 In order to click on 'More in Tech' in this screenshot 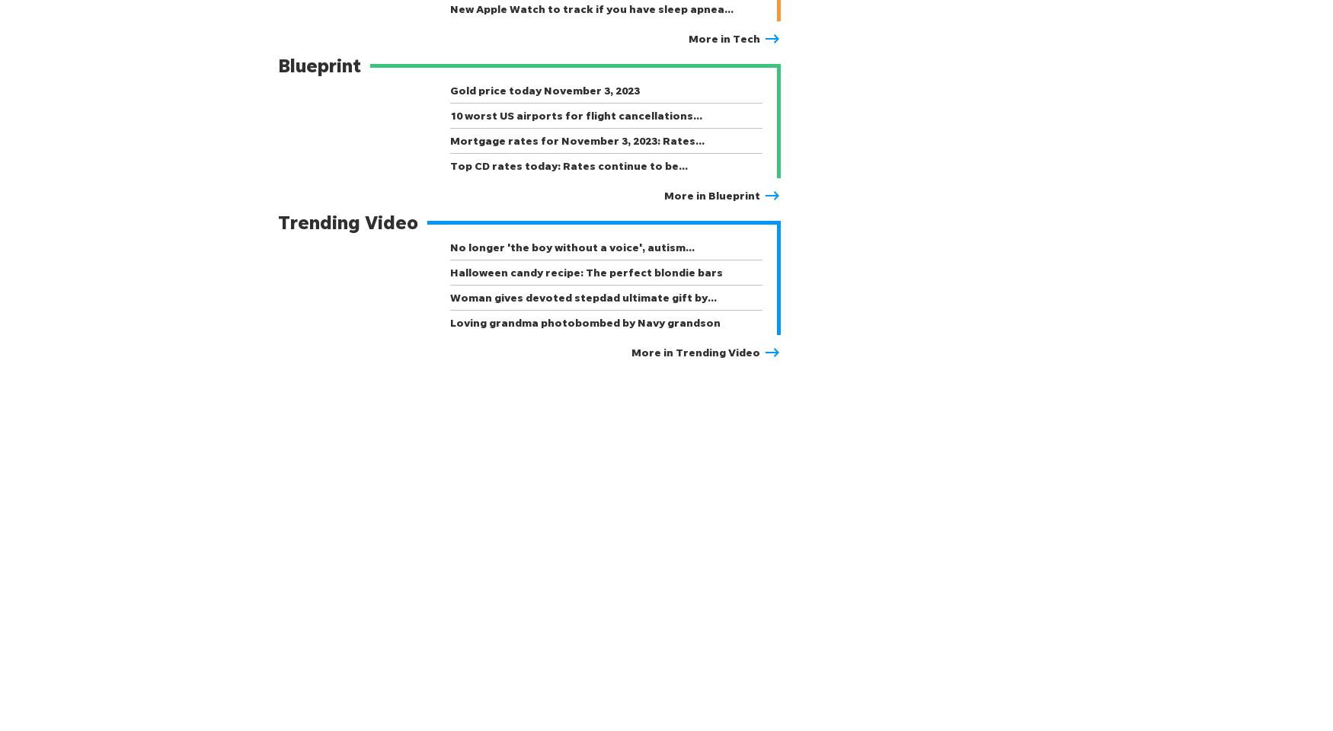, I will do `click(724, 37)`.